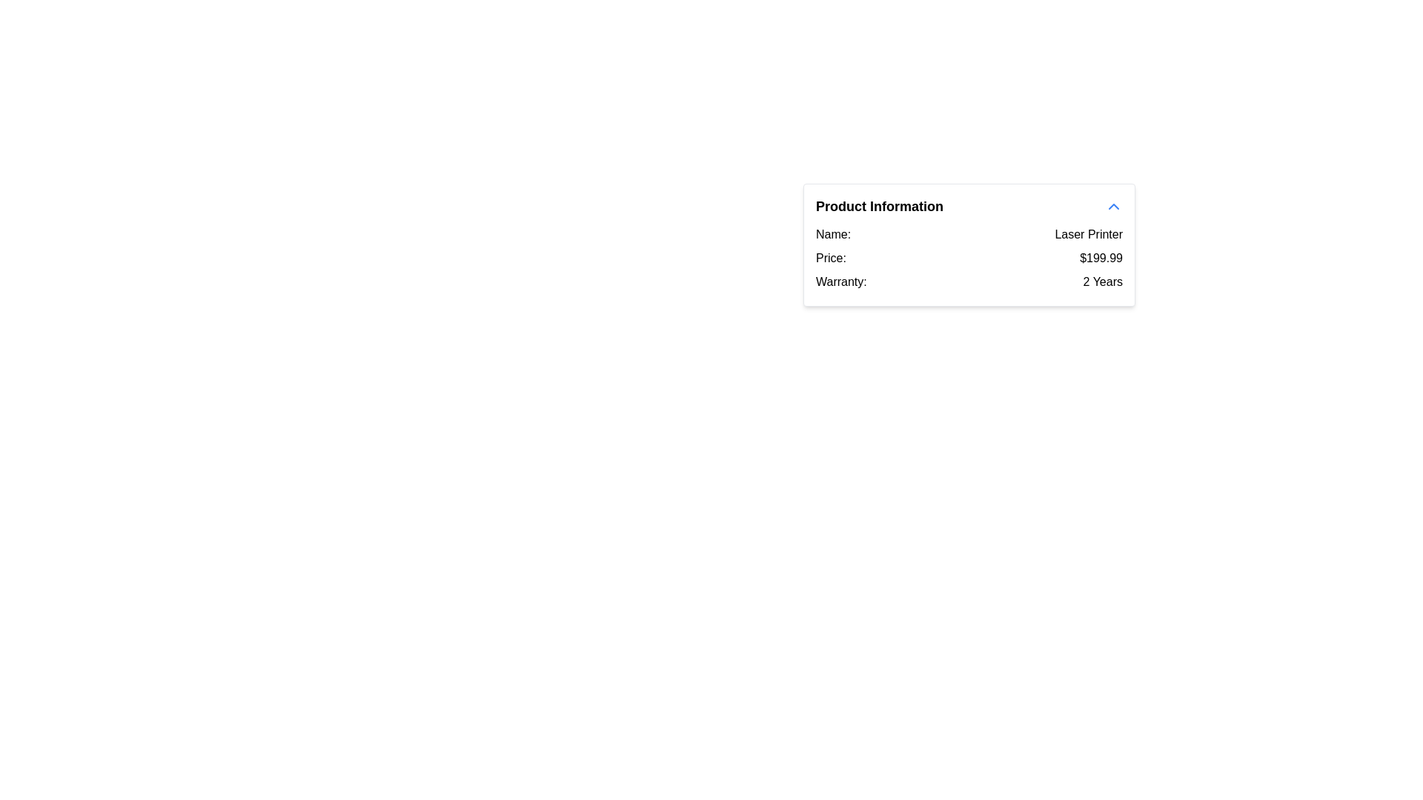 The image size is (1423, 800). What do you see at coordinates (1103, 282) in the screenshot?
I see `the warranty duration information displayed by the text label located to the far right of the 'Warranty:' label in the product details card` at bounding box center [1103, 282].